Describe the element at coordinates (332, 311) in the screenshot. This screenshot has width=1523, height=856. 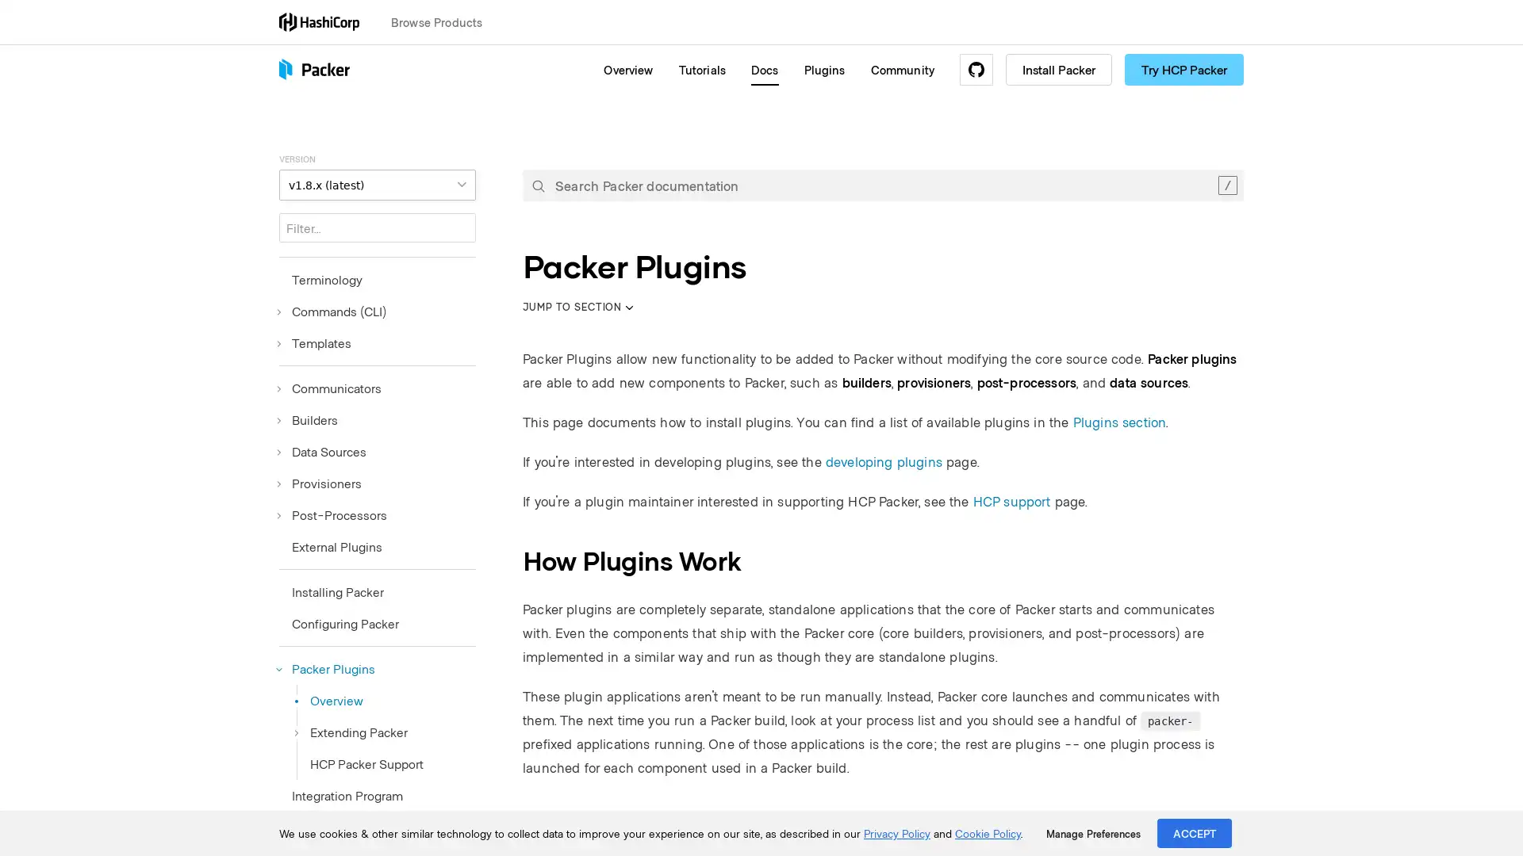
I see `Commands (CLI)` at that location.